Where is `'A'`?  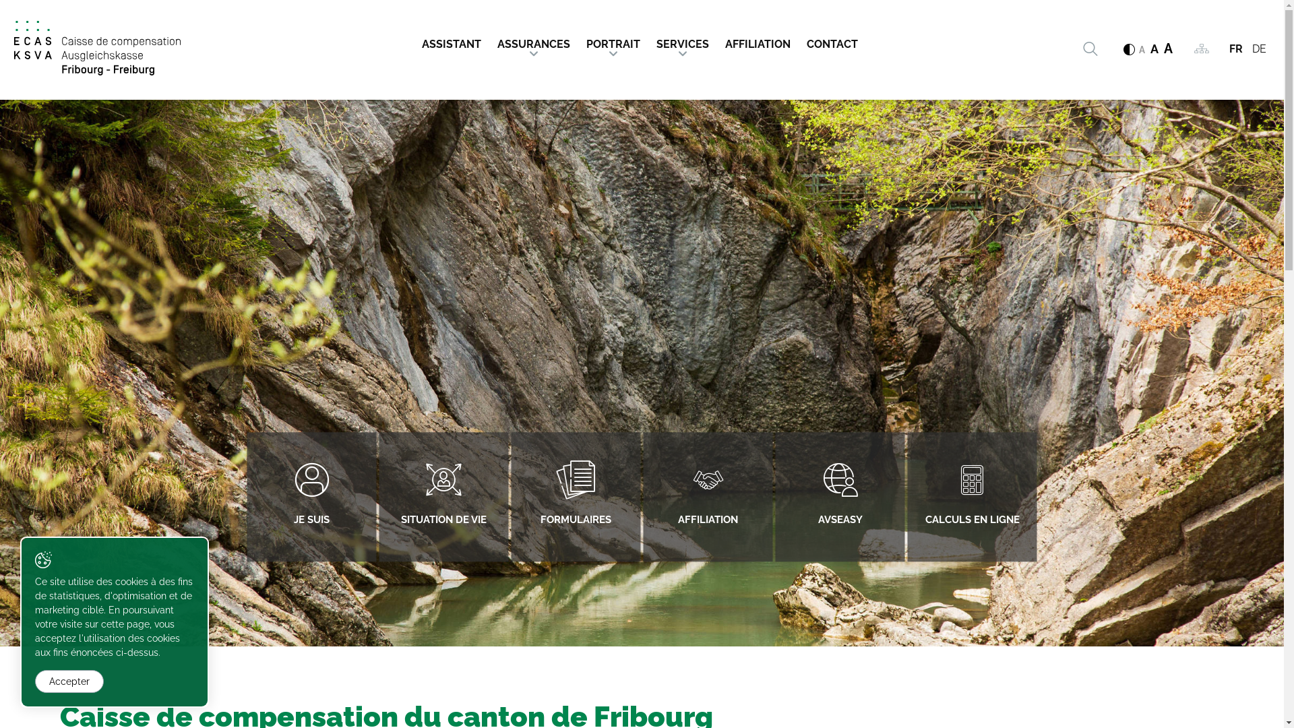
'A' is located at coordinates (1150, 49).